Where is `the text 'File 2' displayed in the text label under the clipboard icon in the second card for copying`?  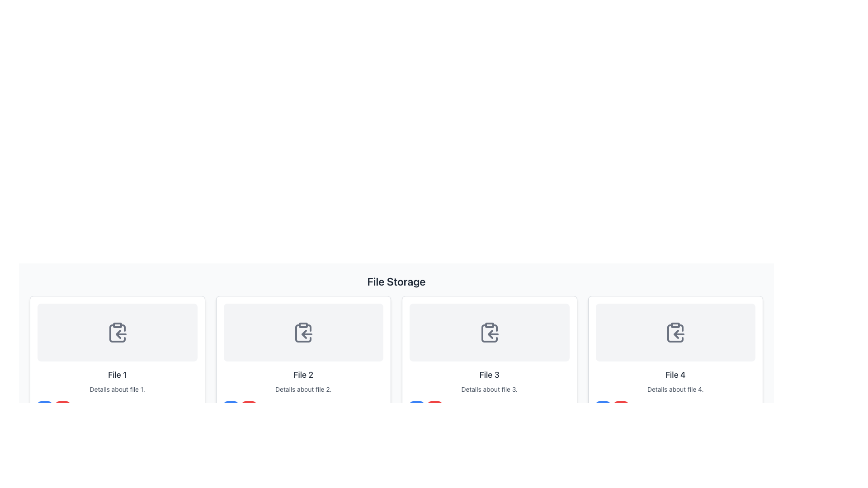 the text 'File 2' displayed in the text label under the clipboard icon in the second card for copying is located at coordinates (303, 375).